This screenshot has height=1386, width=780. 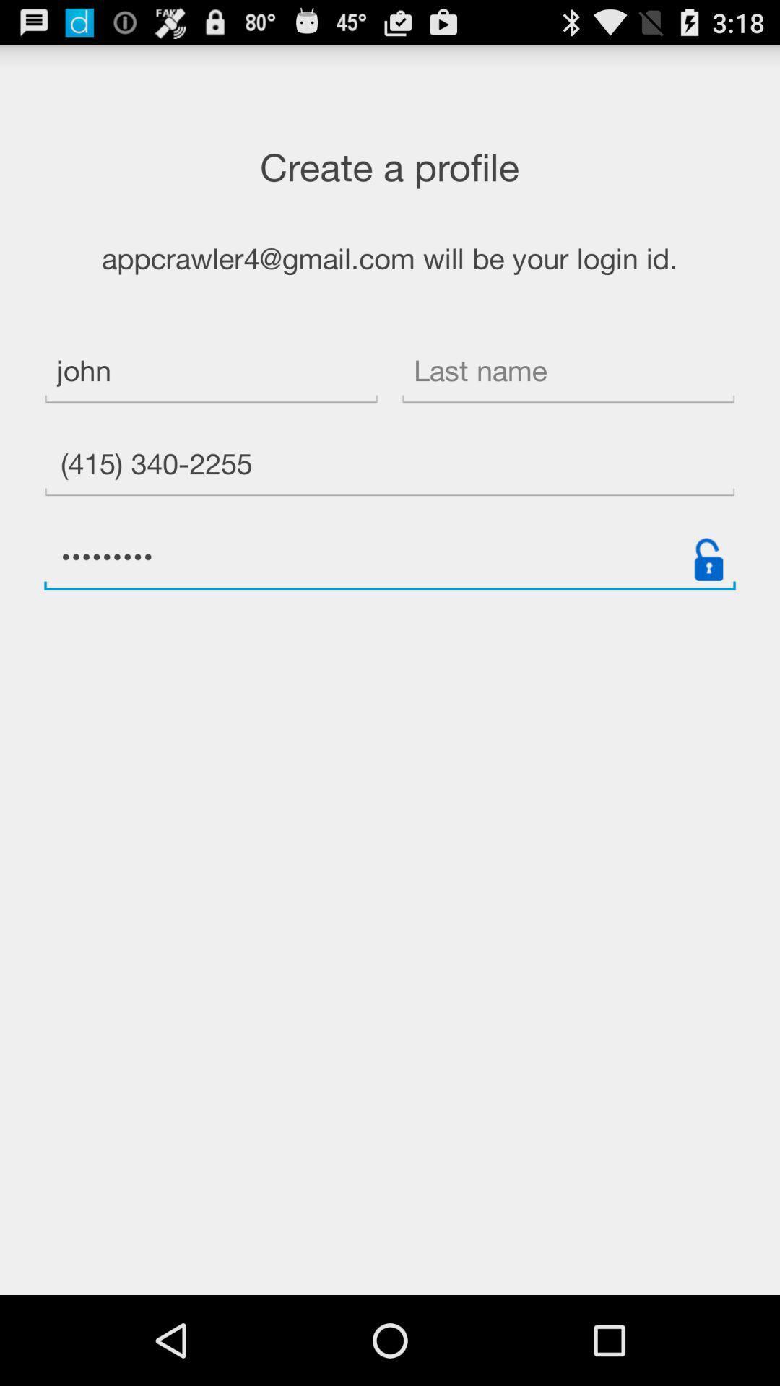 I want to click on item below the (415) 340-2255 item, so click(x=390, y=559).